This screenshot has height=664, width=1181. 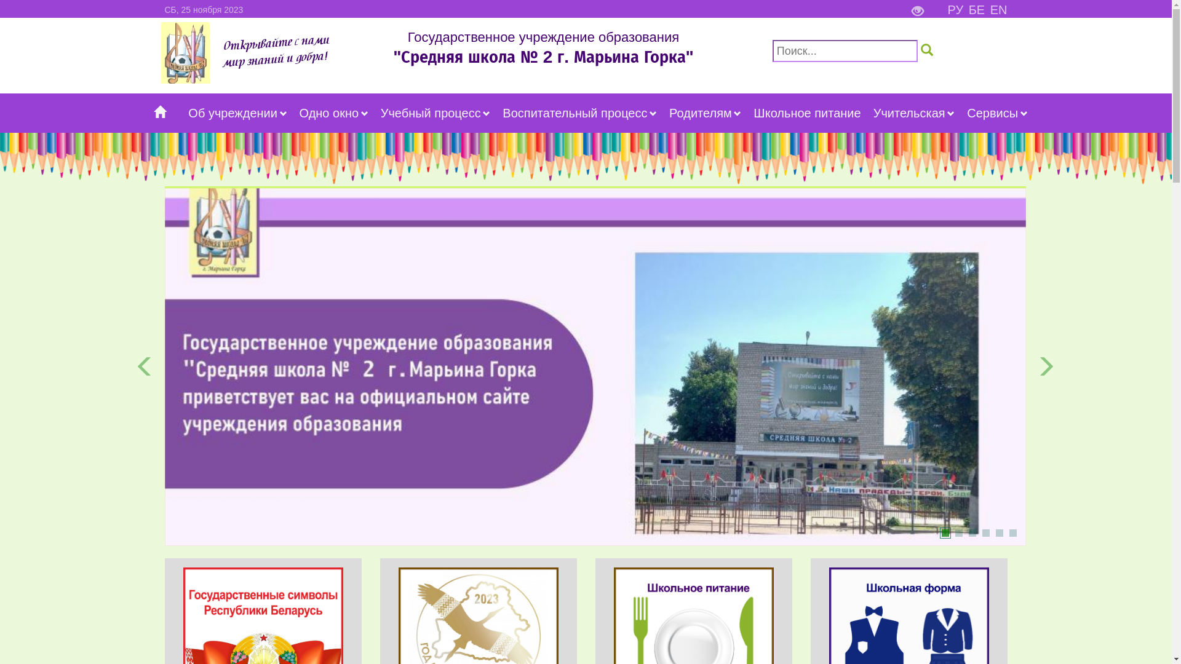 I want to click on '1', so click(x=944, y=532).